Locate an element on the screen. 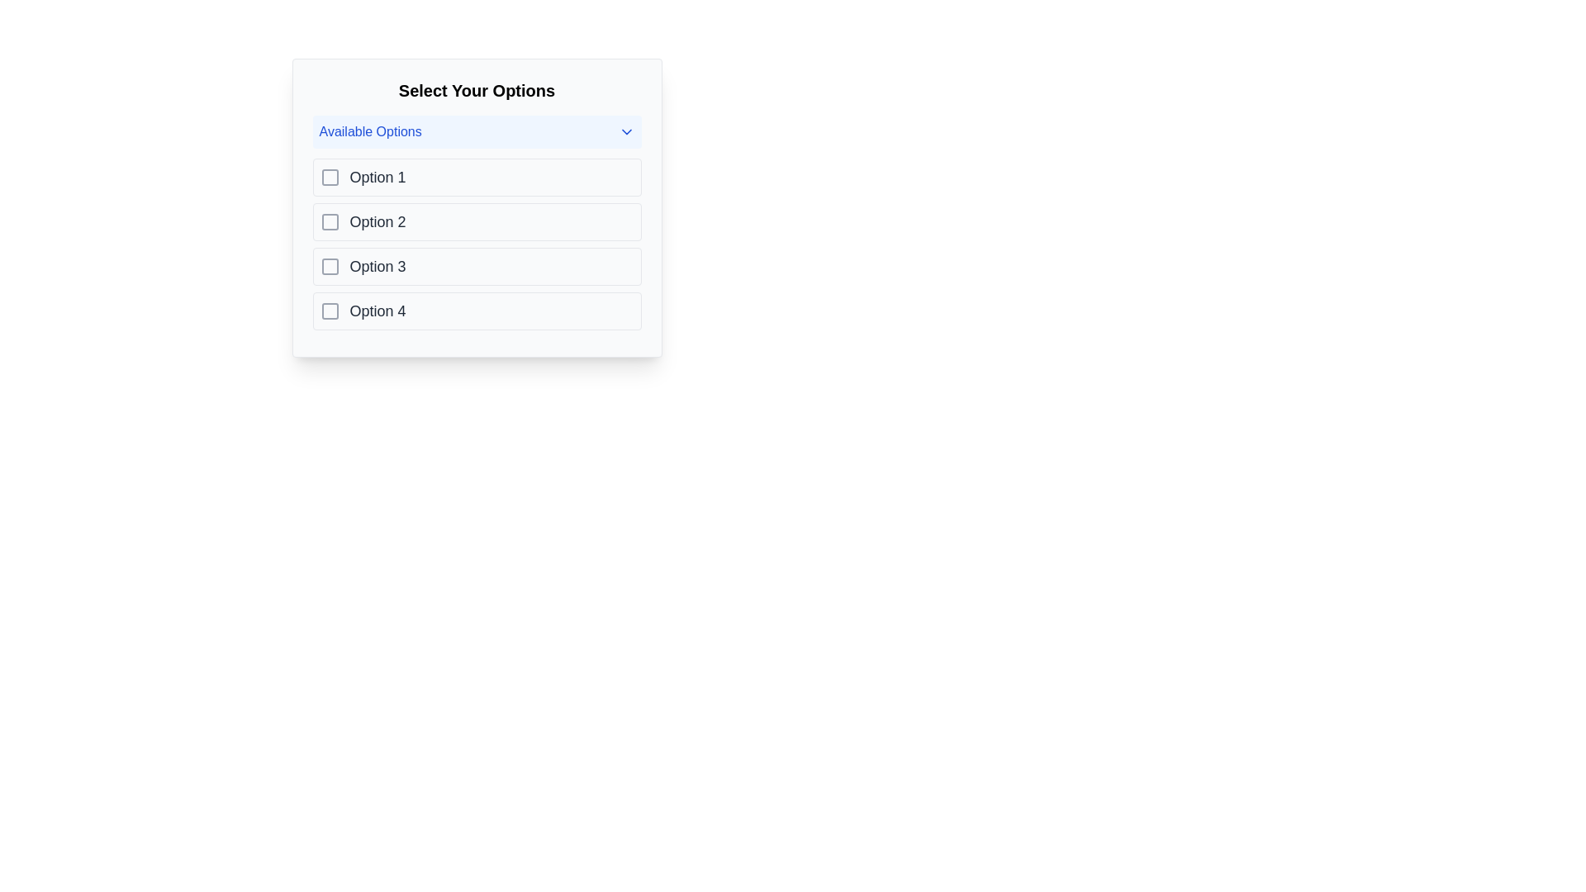 Image resolution: width=1586 pixels, height=892 pixels. the decorative rectangle within the checkbox area for Option 1, located to the left of the 'Option 1' label is located at coordinates (330, 178).